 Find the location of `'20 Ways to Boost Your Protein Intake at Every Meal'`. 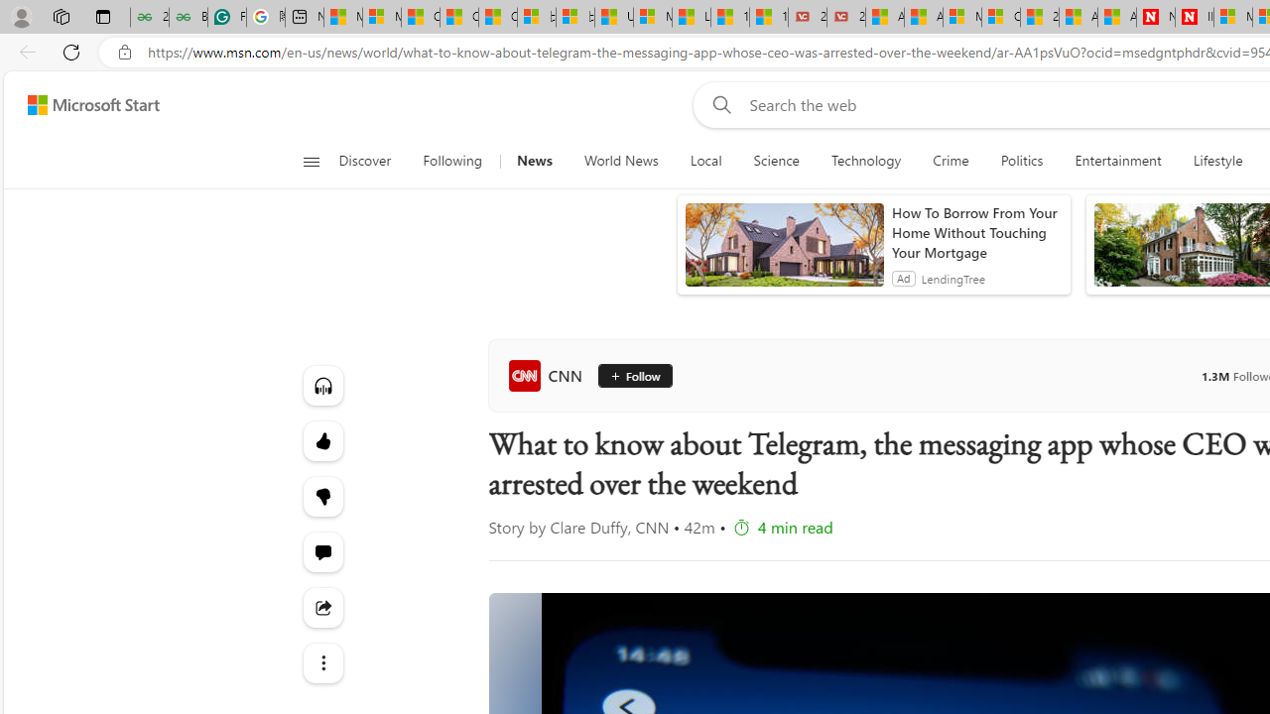

'20 Ways to Boost Your Protein Intake at Every Meal' is located at coordinates (1039, 17).